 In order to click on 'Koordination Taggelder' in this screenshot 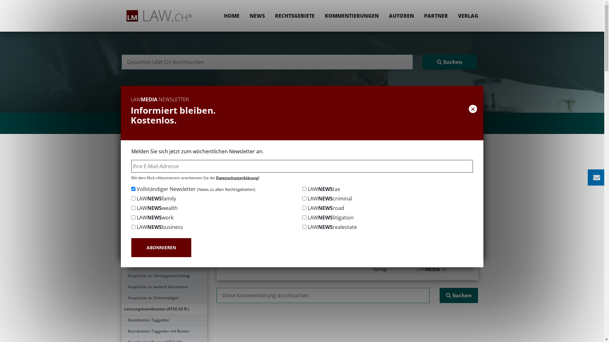, I will do `click(121, 320)`.